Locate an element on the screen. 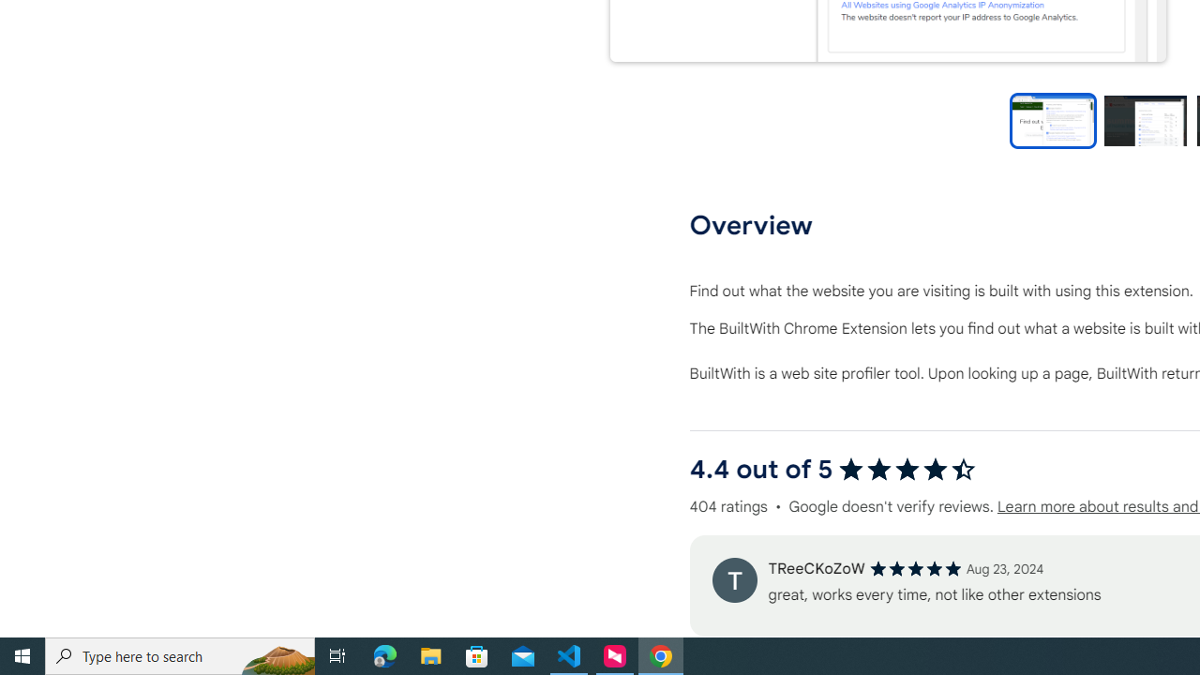 This screenshot has height=675, width=1200. '4.4 out of 5 stars' is located at coordinates (907, 468).